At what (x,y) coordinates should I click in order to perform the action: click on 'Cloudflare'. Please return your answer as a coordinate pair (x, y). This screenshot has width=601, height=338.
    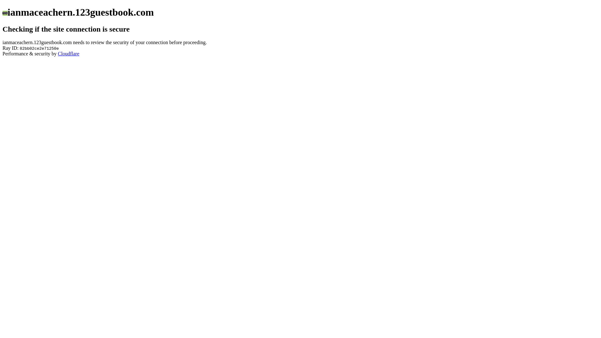
    Looking at the image, I should click on (69, 53).